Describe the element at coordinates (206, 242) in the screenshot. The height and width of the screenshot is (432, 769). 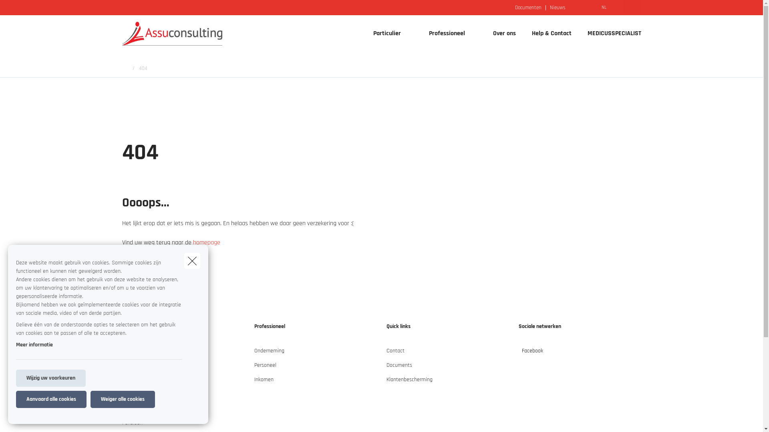
I see `'homepage'` at that location.